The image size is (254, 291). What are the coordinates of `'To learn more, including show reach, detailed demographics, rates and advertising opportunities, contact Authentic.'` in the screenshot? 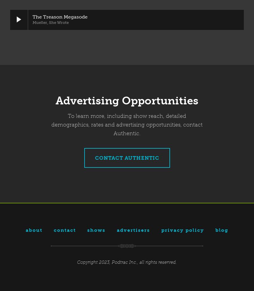 It's located at (127, 125).